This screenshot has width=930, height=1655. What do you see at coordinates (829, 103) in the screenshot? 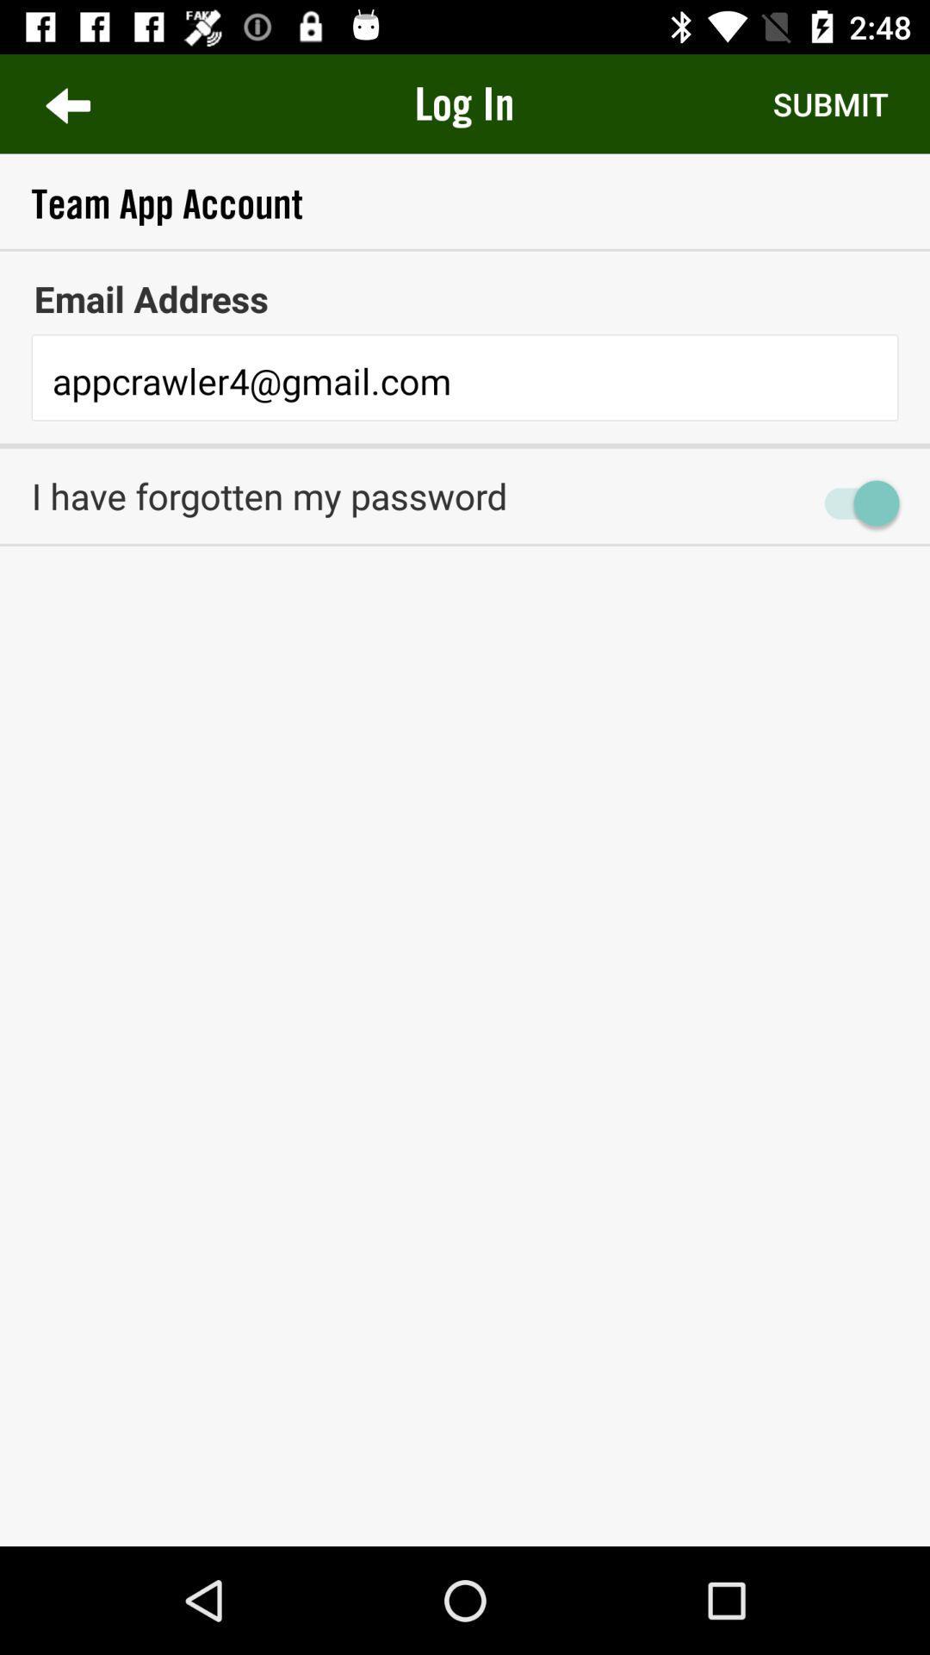
I see `icon above the team app account icon` at bounding box center [829, 103].